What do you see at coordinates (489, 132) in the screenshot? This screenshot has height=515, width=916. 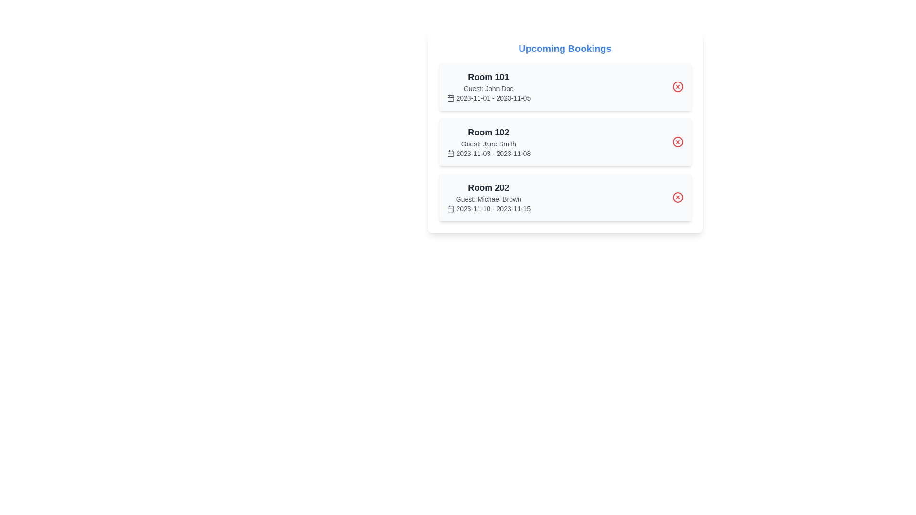 I see `the Text Display that specifies the room number associated with a booking, located in the second block of 'Upcoming Bookings' for Room 102` at bounding box center [489, 132].